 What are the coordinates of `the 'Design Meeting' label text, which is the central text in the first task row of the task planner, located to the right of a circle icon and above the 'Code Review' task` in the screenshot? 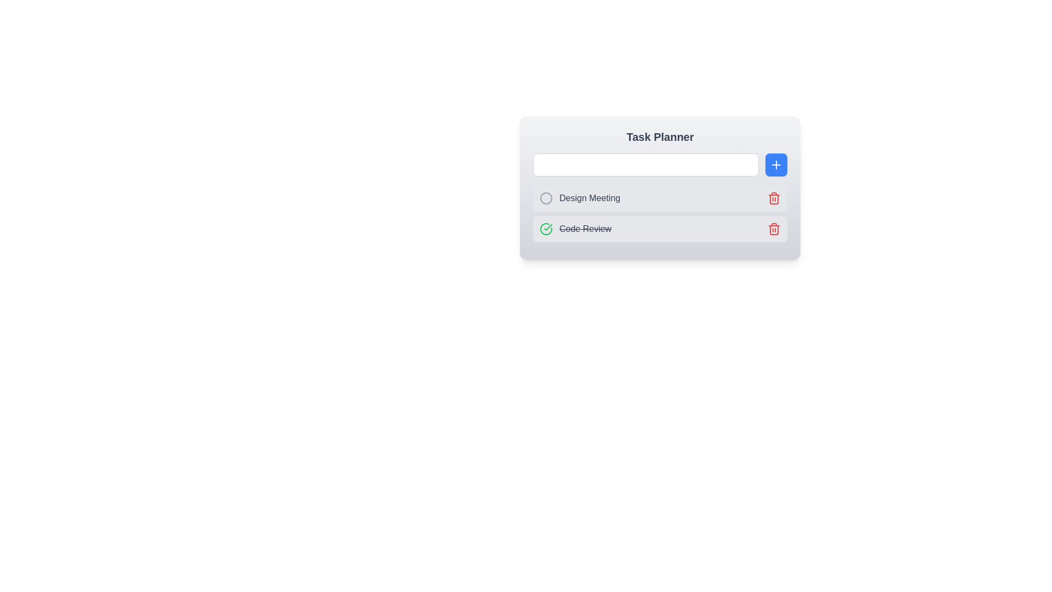 It's located at (589, 198).